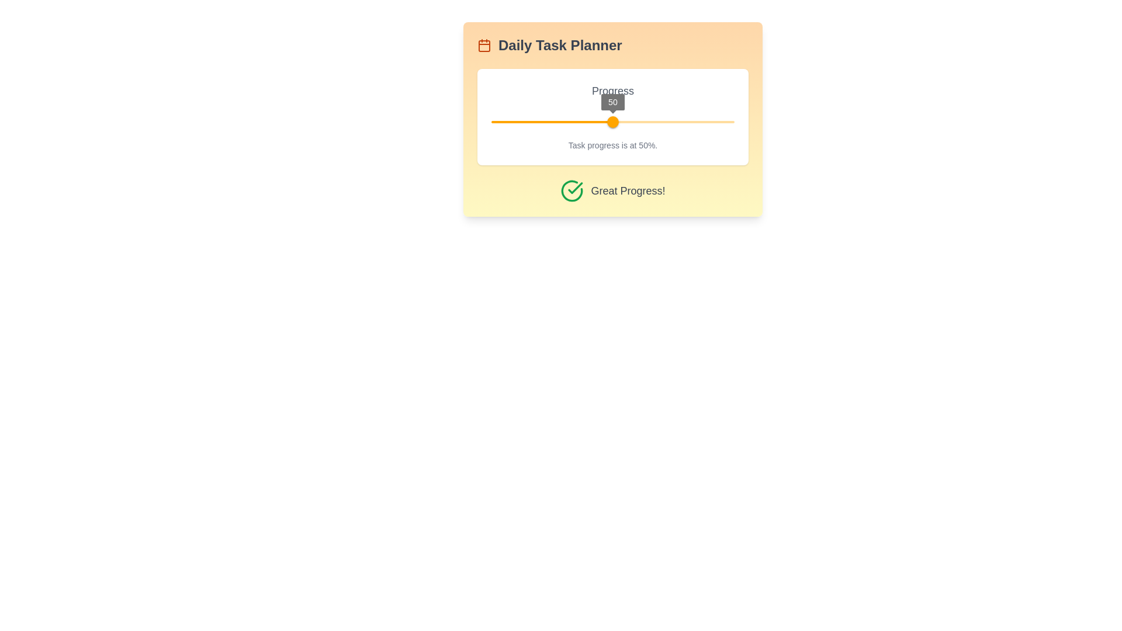 This screenshot has width=1122, height=631. I want to click on the slider's value, so click(671, 122).